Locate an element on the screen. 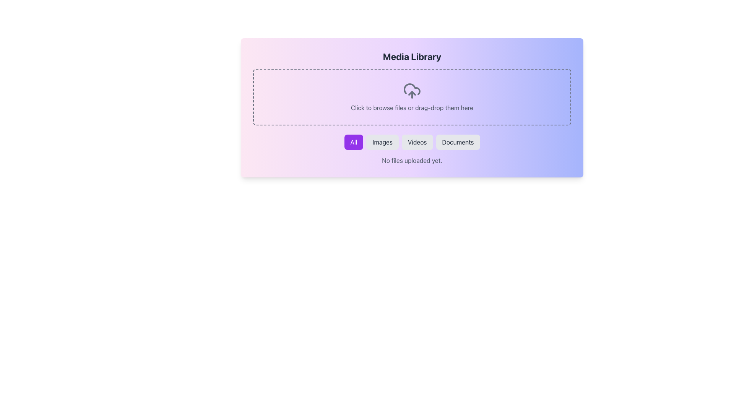  and drop a file into the File upload area located below the 'Media Library' heading and above the filter buttons is located at coordinates (412, 97).